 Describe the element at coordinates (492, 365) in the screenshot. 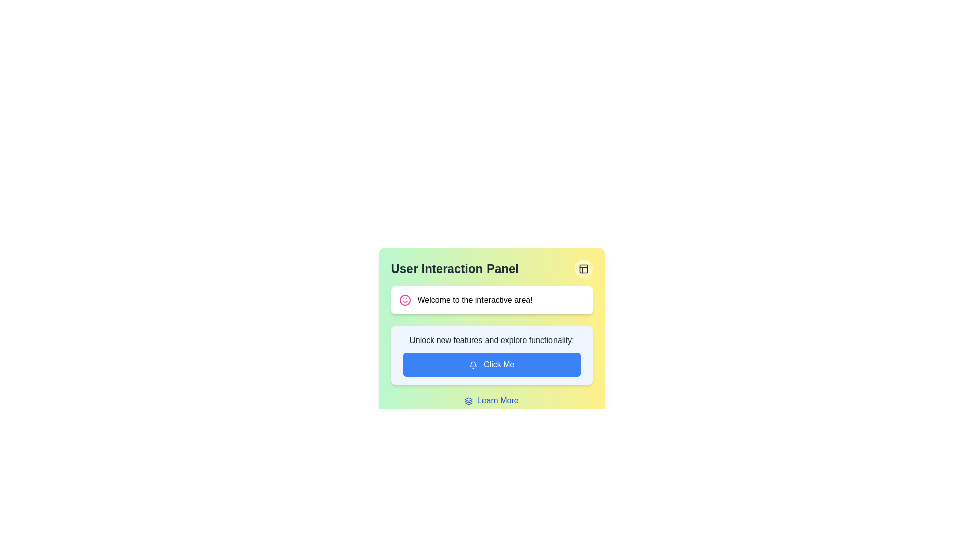

I see `the 'Click Me' button with a blue background and white text` at that location.